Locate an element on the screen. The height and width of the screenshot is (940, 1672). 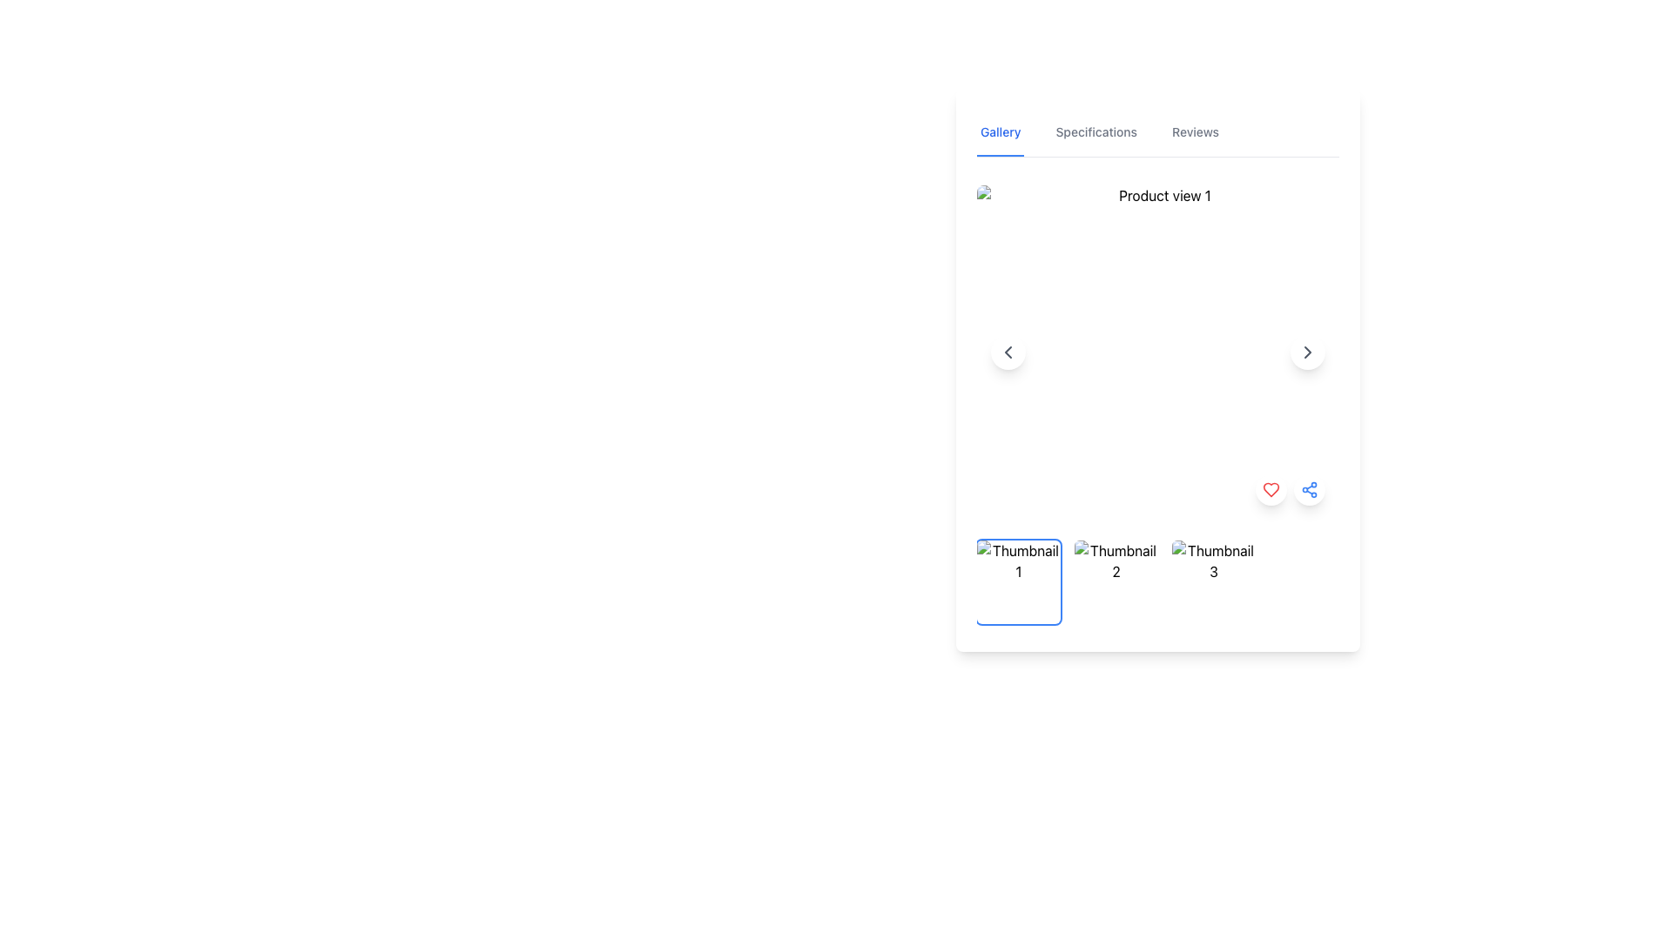
the 'Specifications' interactive tab in the navigation bar is located at coordinates (1096, 132).